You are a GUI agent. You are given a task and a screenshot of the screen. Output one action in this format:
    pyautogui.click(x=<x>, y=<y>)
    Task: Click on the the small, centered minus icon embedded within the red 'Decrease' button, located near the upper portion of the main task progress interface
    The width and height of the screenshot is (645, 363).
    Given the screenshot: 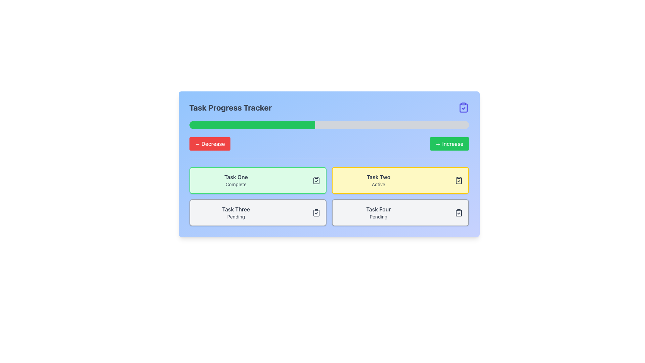 What is the action you would take?
    pyautogui.click(x=197, y=144)
    